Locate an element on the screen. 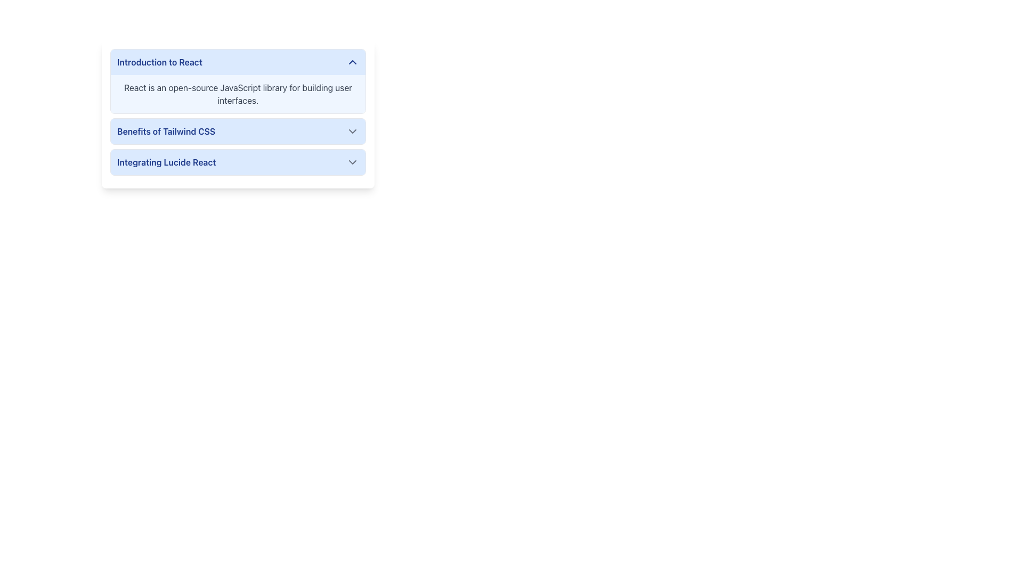  the chevron icon button located to the right of the 'Introduction to React' header is located at coordinates (353, 62).